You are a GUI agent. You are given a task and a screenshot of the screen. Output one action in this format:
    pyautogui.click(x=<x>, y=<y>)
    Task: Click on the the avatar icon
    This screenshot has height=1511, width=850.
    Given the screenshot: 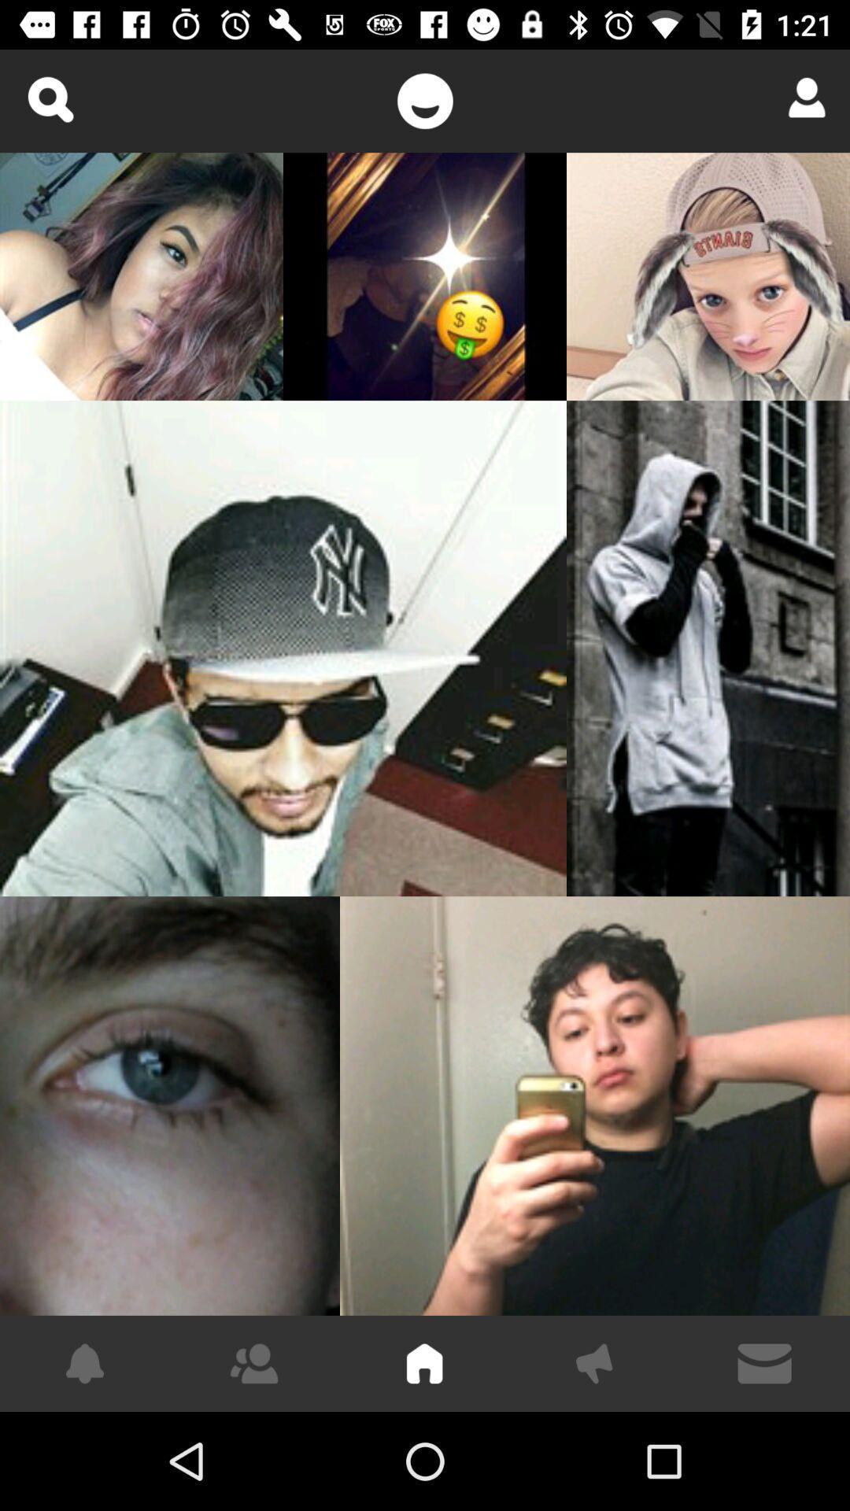 What is the action you would take?
    pyautogui.click(x=801, y=97)
    